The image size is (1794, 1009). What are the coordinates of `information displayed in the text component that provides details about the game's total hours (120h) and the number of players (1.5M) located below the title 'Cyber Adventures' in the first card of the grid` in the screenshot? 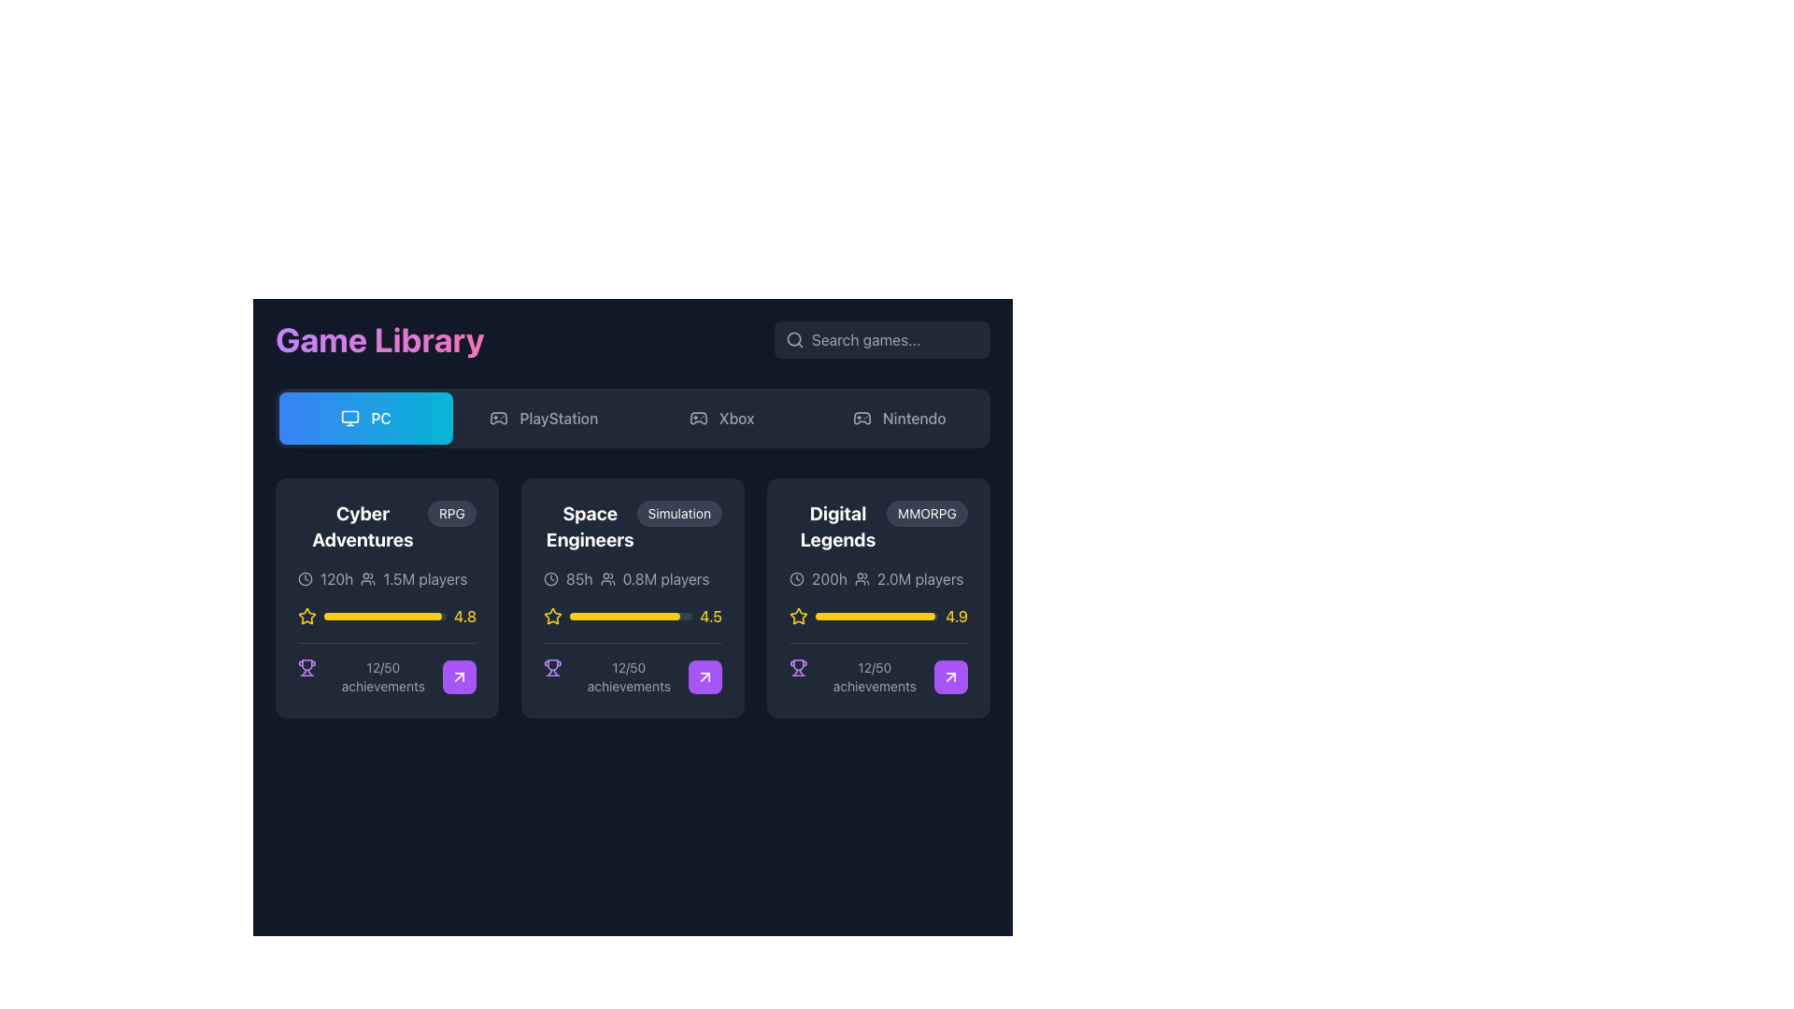 It's located at (386, 578).